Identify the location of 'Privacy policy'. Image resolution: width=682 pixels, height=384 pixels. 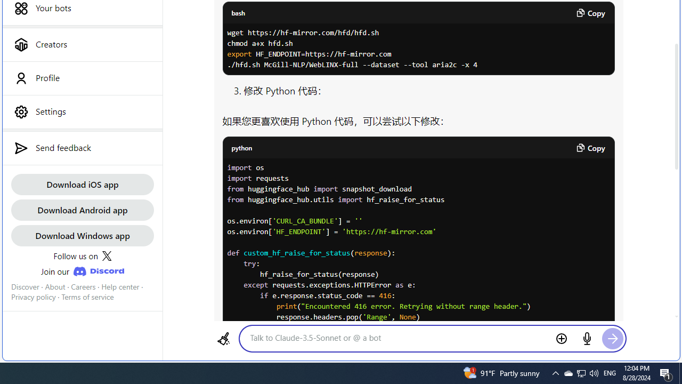
(33, 297).